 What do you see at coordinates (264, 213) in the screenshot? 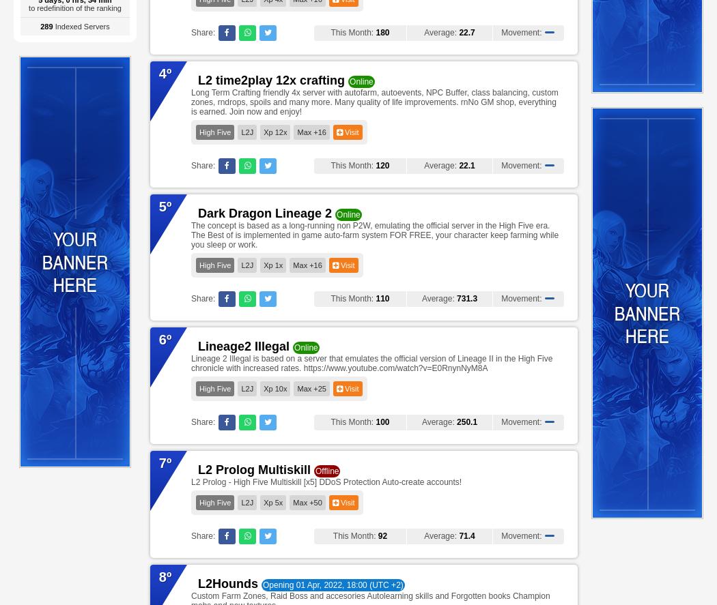
I see `'Dark Dragon Lineage 2'` at bounding box center [264, 213].